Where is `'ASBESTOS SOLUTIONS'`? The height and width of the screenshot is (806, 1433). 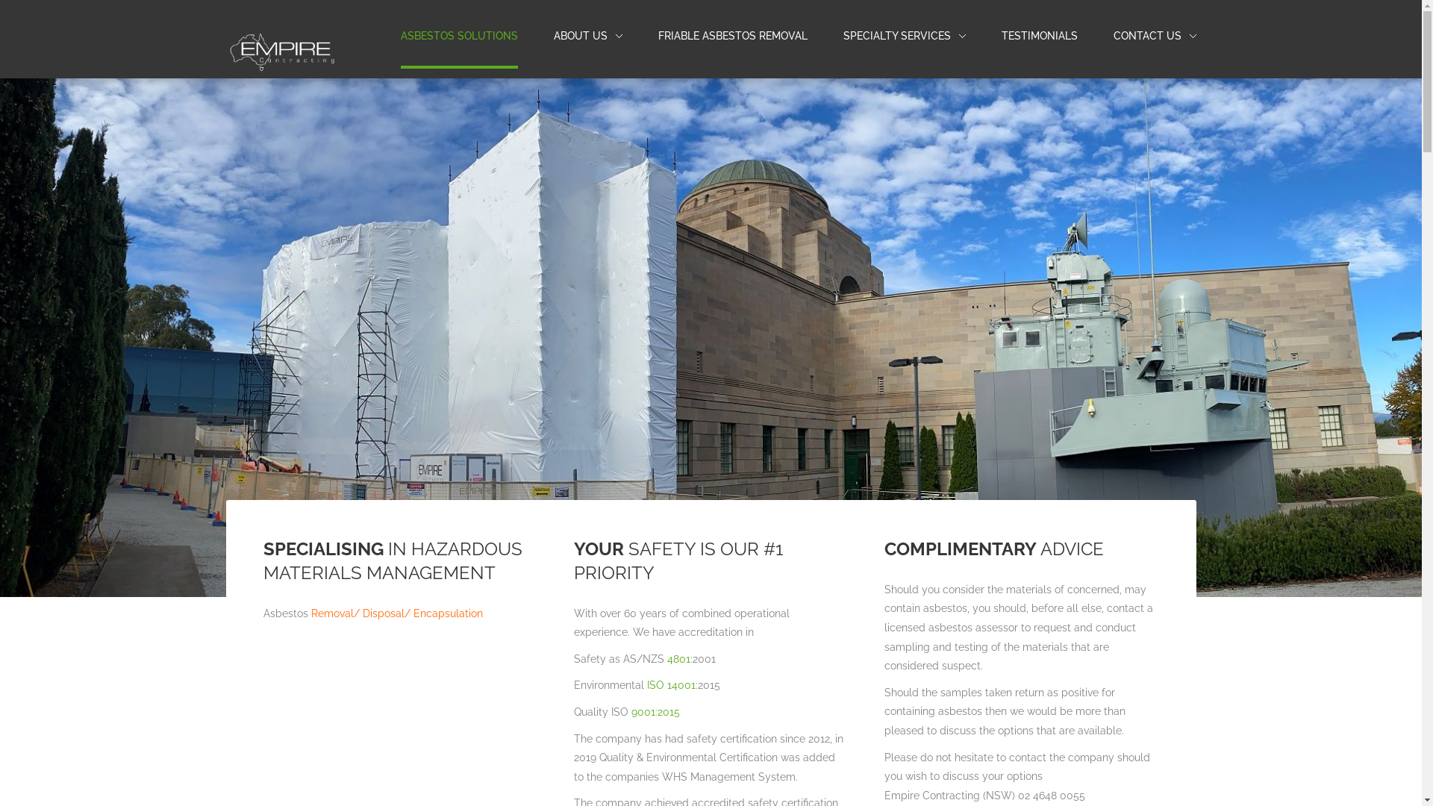 'ASBESTOS SOLUTIONS' is located at coordinates (458, 34).